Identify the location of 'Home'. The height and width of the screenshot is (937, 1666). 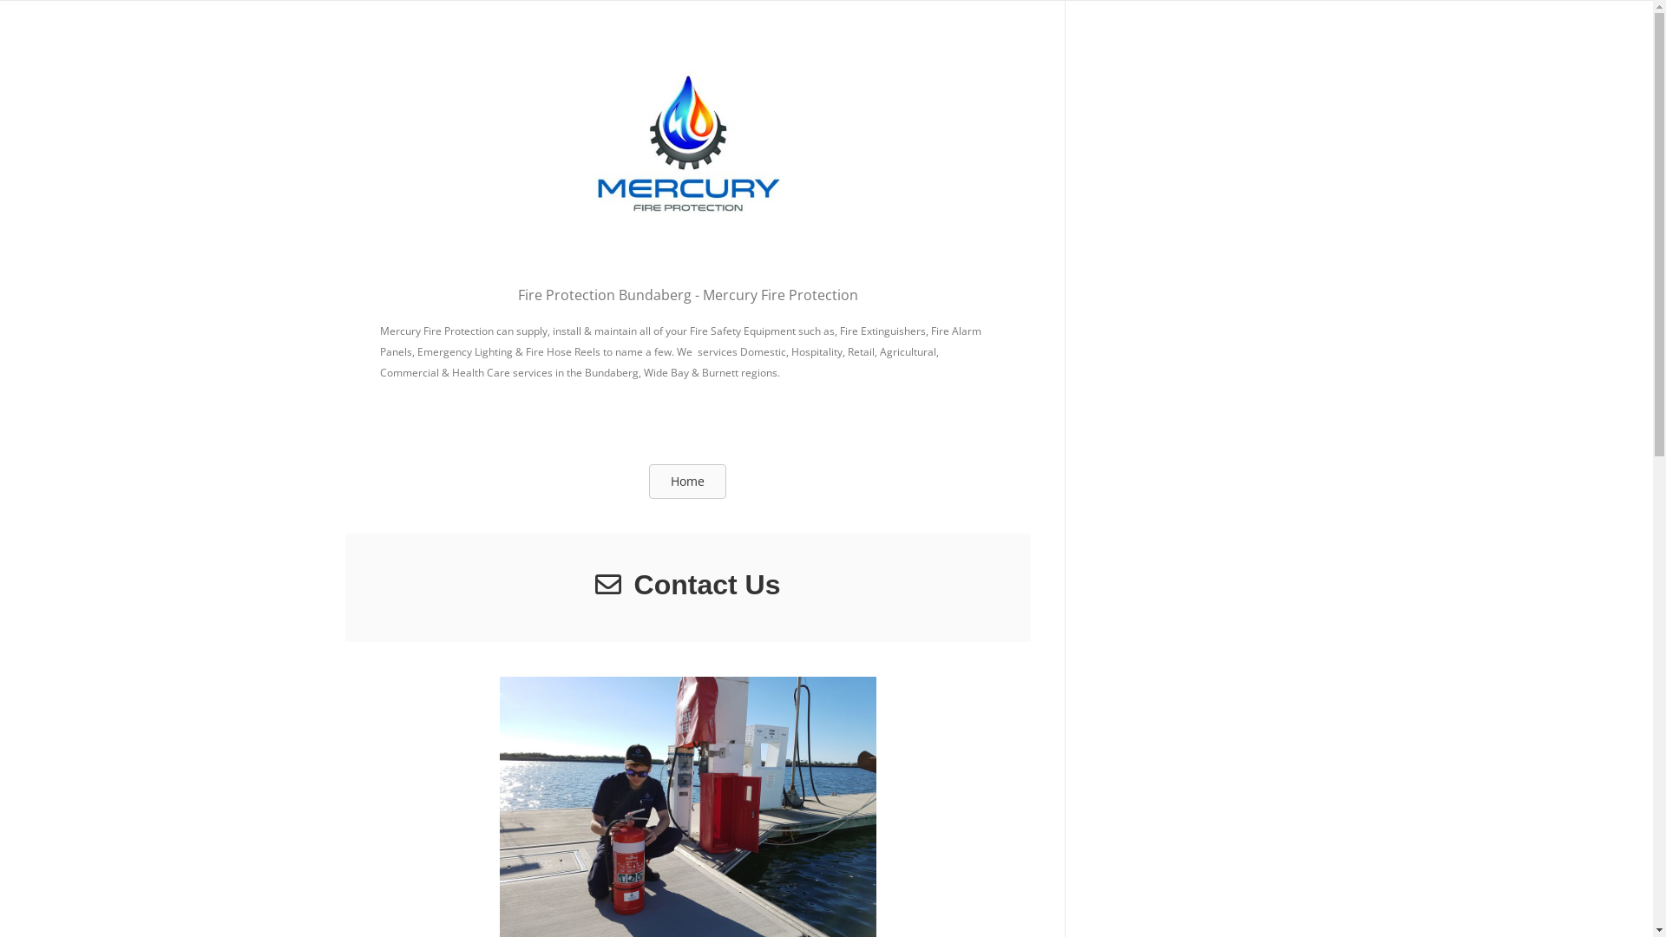
(686, 482).